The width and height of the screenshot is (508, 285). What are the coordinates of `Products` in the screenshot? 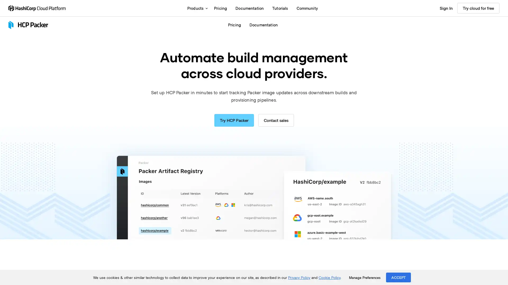 It's located at (196, 8).